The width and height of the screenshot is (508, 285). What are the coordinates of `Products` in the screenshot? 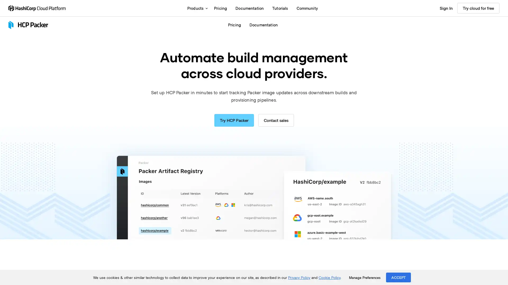 It's located at (196, 8).